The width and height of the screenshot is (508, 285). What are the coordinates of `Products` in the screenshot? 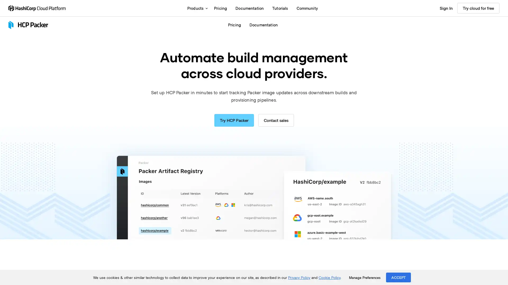 It's located at (196, 8).